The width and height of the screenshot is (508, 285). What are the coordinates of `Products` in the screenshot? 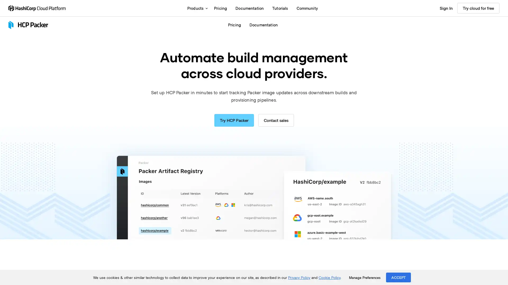 It's located at (196, 8).